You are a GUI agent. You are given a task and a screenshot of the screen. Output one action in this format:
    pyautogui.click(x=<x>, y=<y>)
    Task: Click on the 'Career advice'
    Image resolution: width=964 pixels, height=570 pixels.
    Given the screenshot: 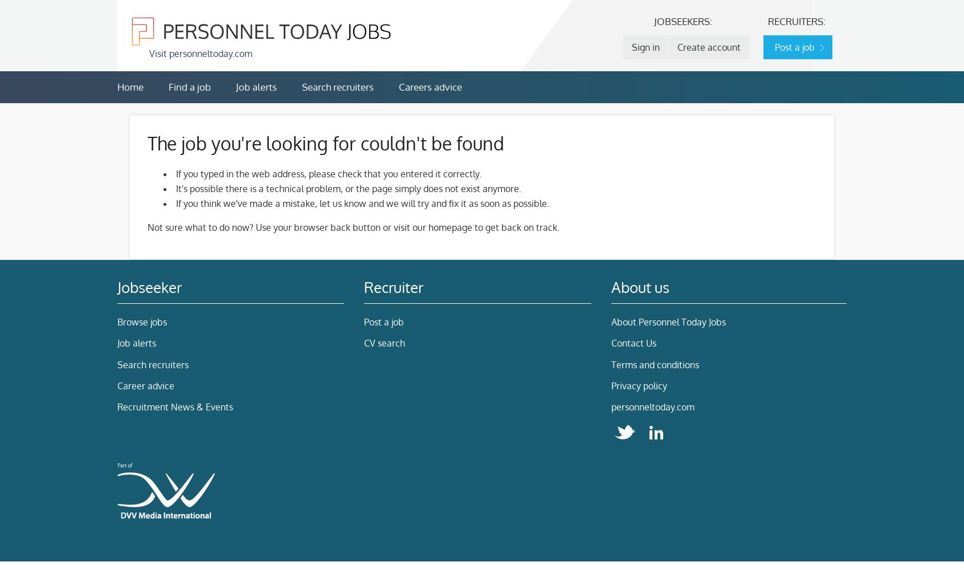 What is the action you would take?
    pyautogui.click(x=116, y=385)
    